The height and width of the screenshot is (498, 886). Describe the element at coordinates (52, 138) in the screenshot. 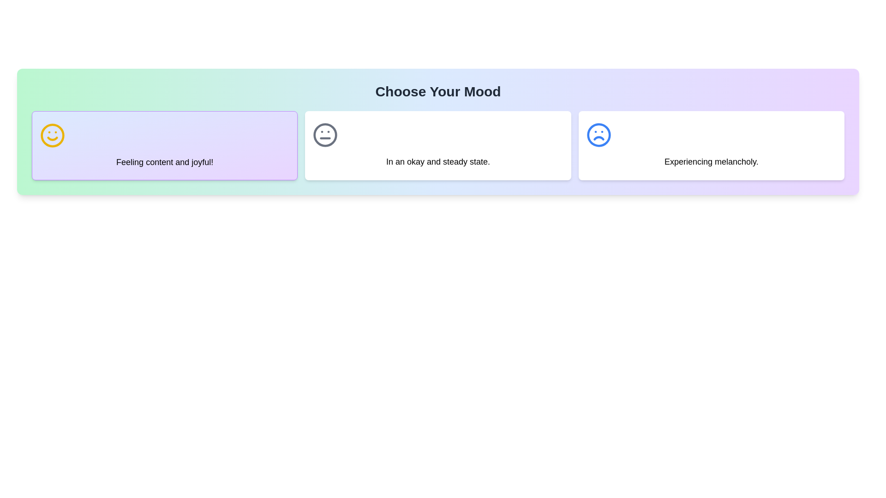

I see `the mouth of the yellow smiley face graphic in the top-left card titled 'Feeling content and joyful!'` at that location.